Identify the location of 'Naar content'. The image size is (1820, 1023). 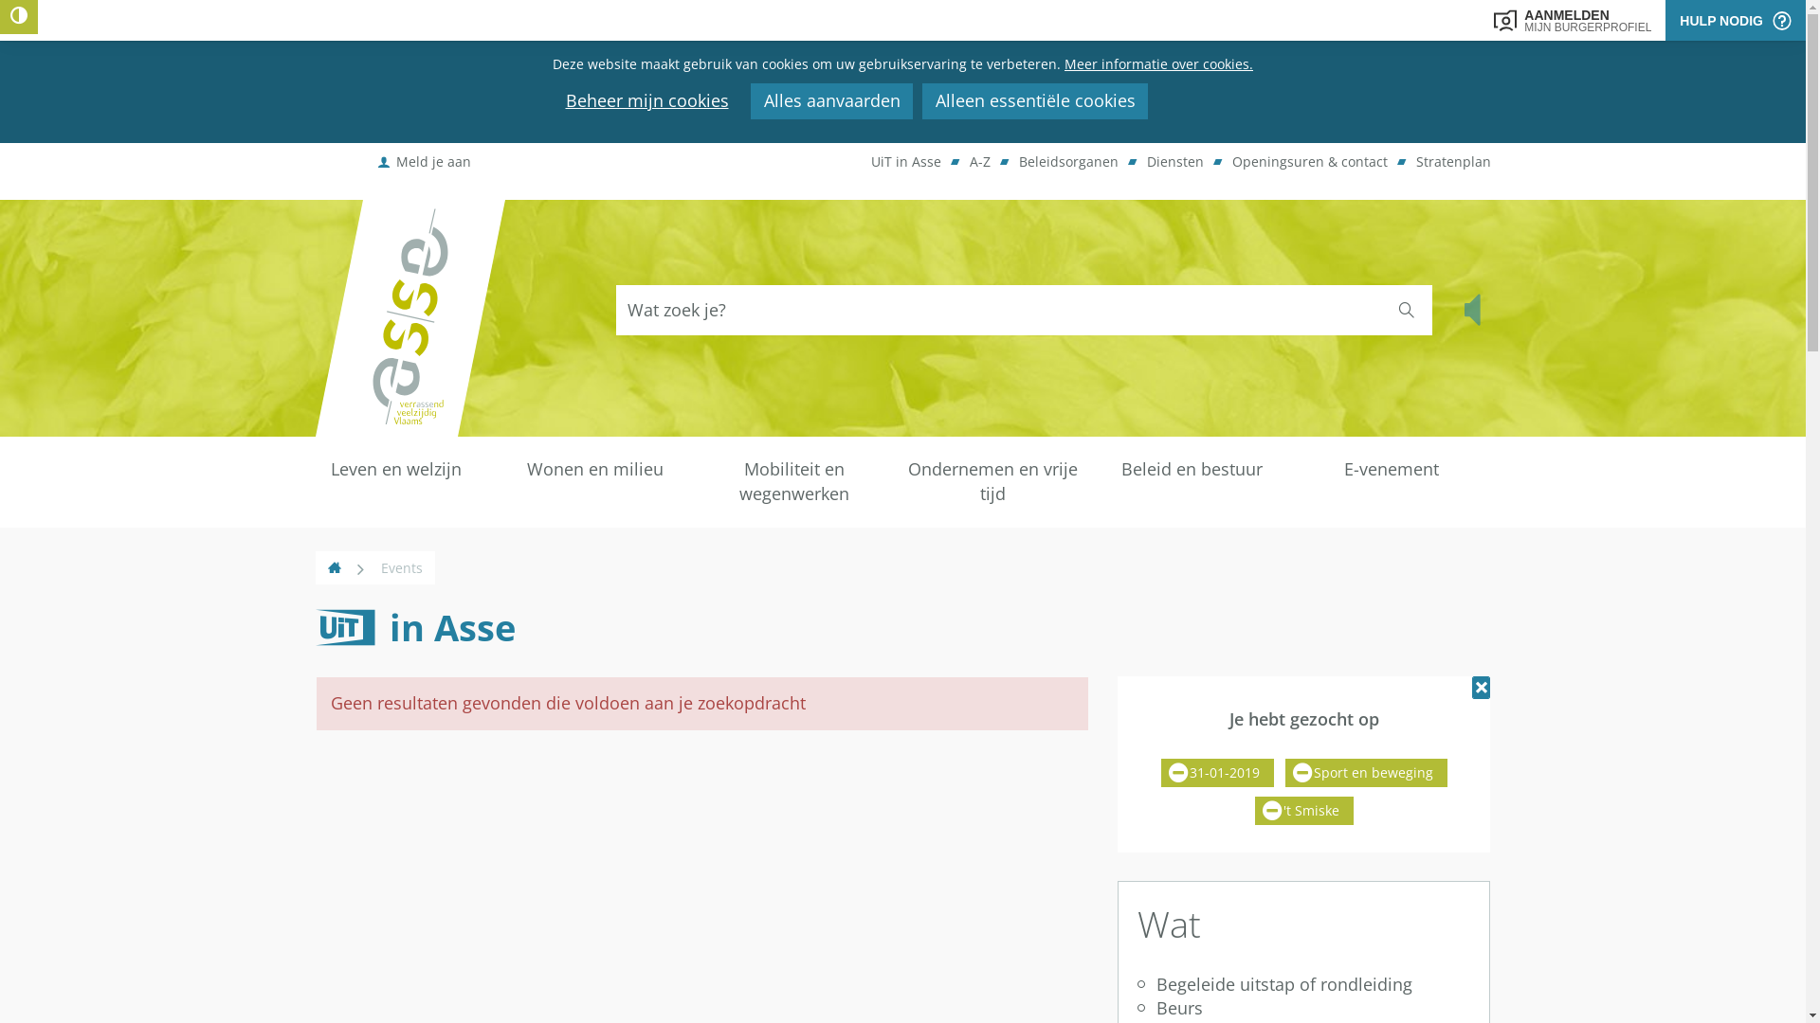
(539, 97).